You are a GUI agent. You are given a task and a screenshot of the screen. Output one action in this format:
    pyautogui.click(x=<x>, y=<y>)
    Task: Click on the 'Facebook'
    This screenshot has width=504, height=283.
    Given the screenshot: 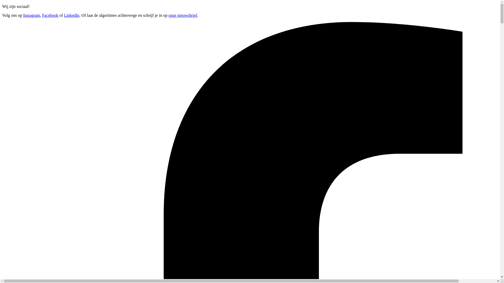 What is the action you would take?
    pyautogui.click(x=50, y=15)
    